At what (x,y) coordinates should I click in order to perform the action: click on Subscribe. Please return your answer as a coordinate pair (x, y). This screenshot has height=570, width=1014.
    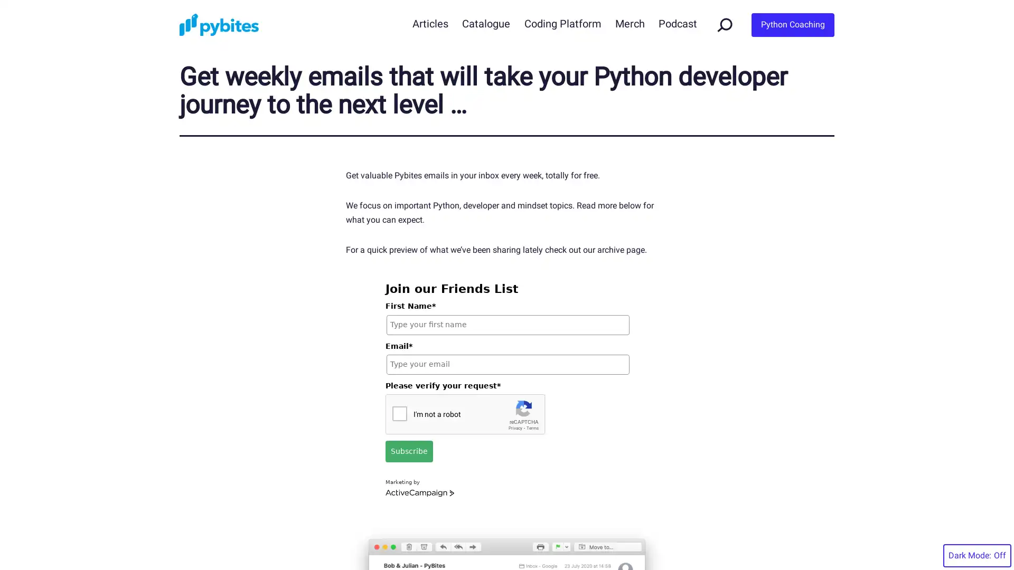
    Looking at the image, I should click on (408, 451).